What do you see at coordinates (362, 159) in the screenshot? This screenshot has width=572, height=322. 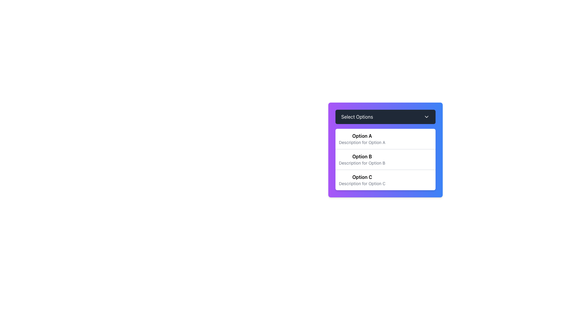 I see `the second option in the dropdown list` at bounding box center [362, 159].